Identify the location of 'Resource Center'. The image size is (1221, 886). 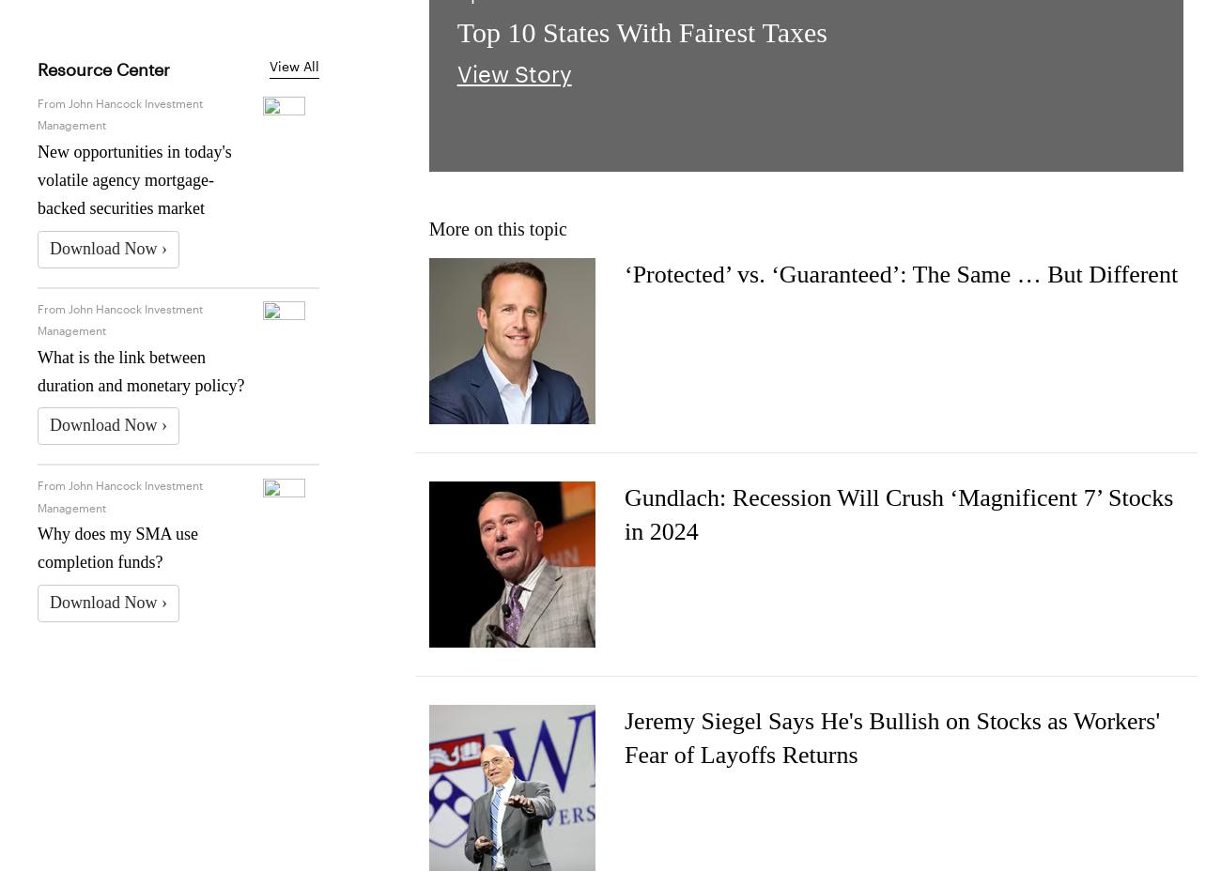
(102, 67).